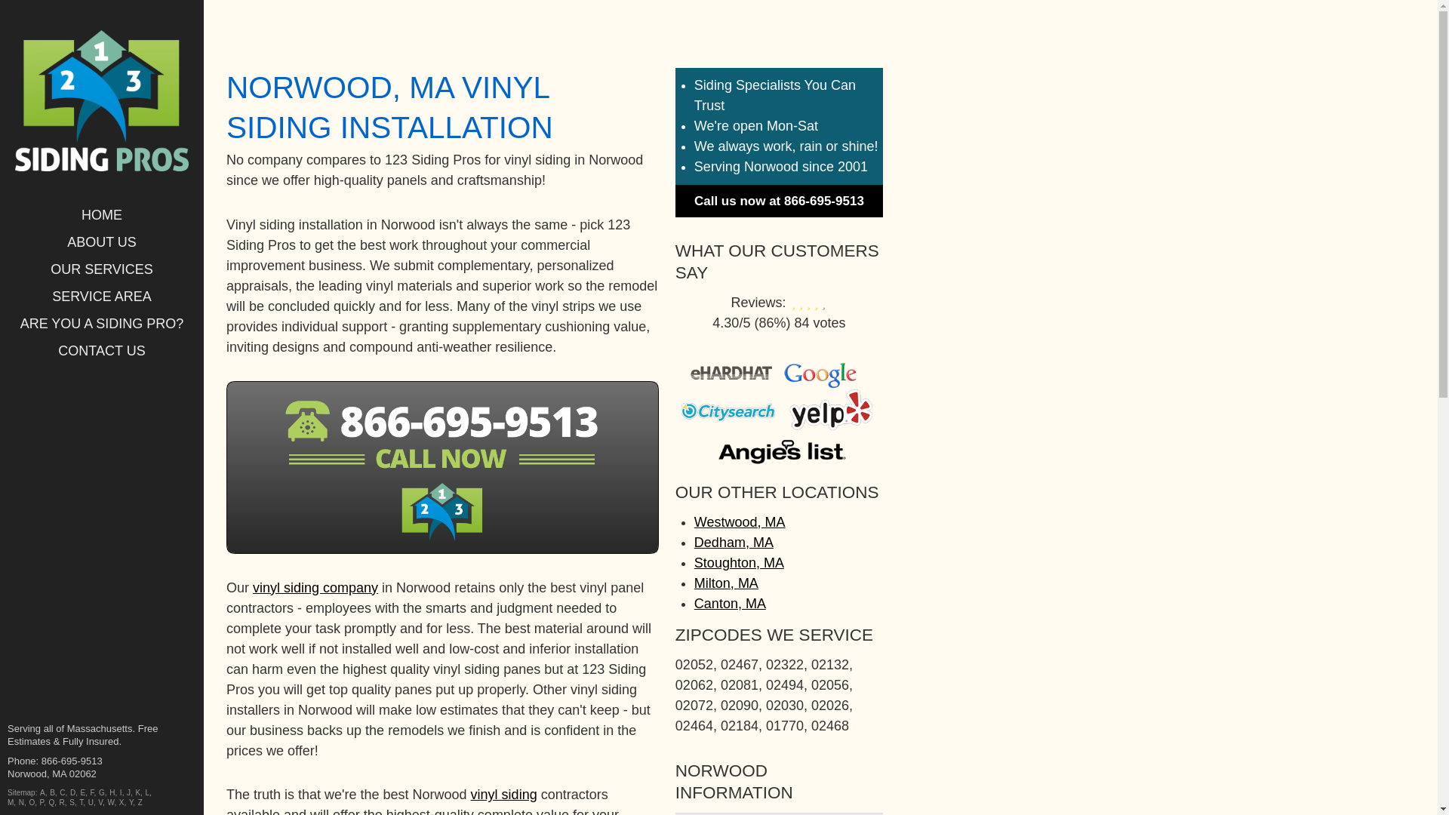 The image size is (1449, 815). Describe the element at coordinates (59, 801) in the screenshot. I see `'R'` at that location.